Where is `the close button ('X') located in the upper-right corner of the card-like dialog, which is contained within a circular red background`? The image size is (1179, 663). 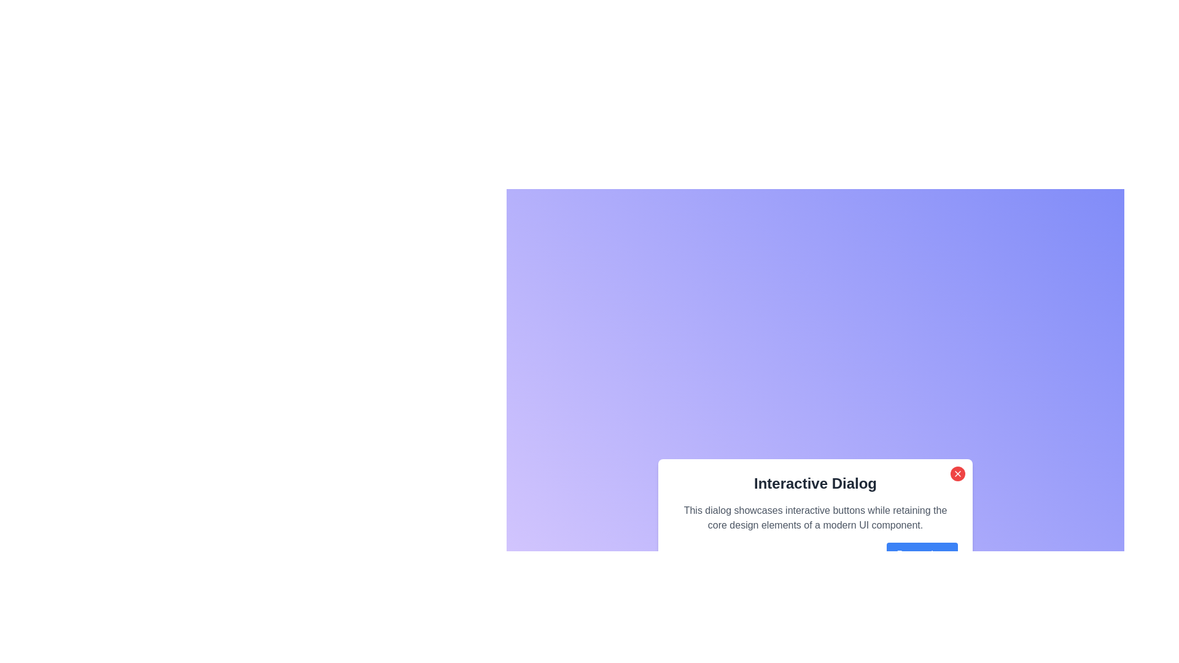
the close button ('X') located in the upper-right corner of the card-like dialog, which is contained within a circular red background is located at coordinates (957, 473).